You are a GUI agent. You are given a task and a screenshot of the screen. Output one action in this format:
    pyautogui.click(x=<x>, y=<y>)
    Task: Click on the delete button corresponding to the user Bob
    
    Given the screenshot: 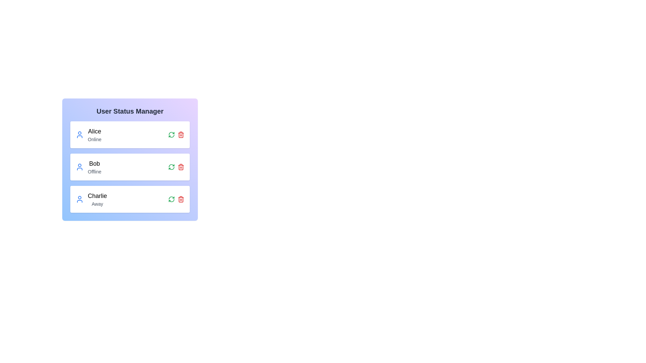 What is the action you would take?
    pyautogui.click(x=181, y=167)
    